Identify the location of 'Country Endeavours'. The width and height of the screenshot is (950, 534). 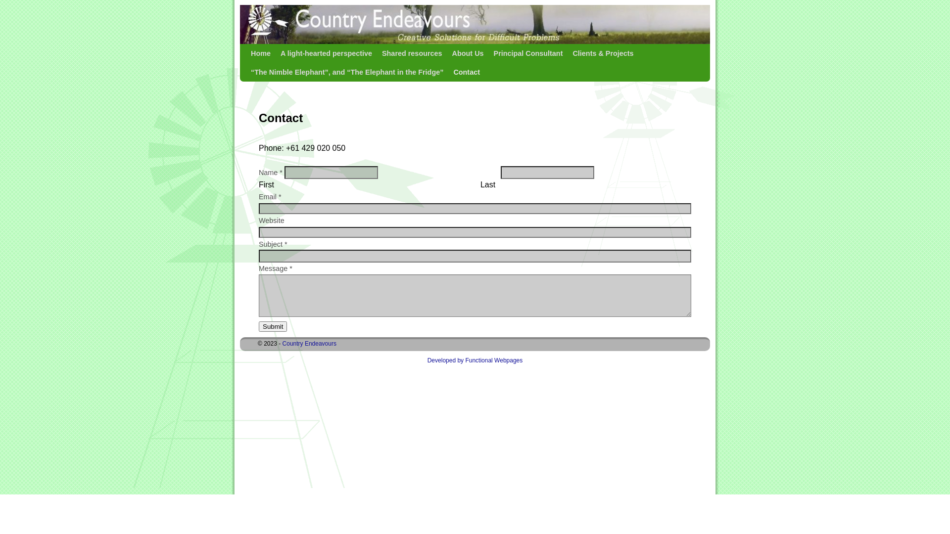
(309, 343).